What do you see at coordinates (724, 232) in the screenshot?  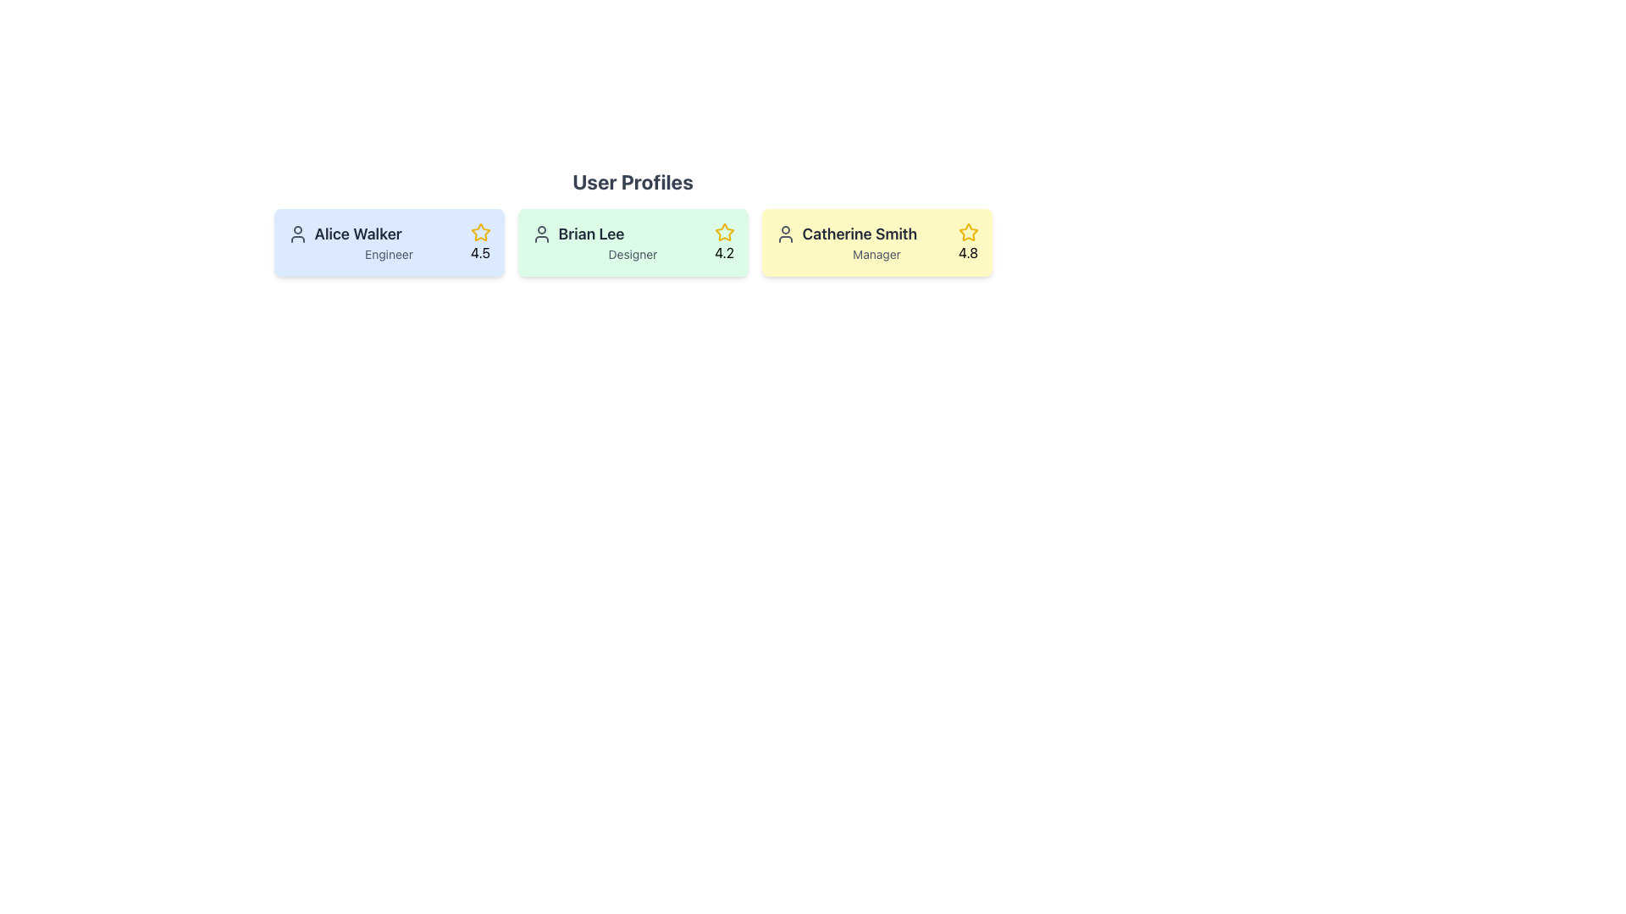 I see `the yellow star-shaped icon with a hollow center located at the top-right corner of Brian Lee's card` at bounding box center [724, 232].